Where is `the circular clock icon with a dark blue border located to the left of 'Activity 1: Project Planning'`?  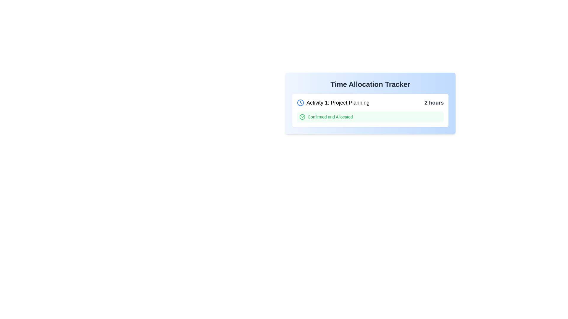
the circular clock icon with a dark blue border located to the left of 'Activity 1: Project Planning' is located at coordinates (301, 102).